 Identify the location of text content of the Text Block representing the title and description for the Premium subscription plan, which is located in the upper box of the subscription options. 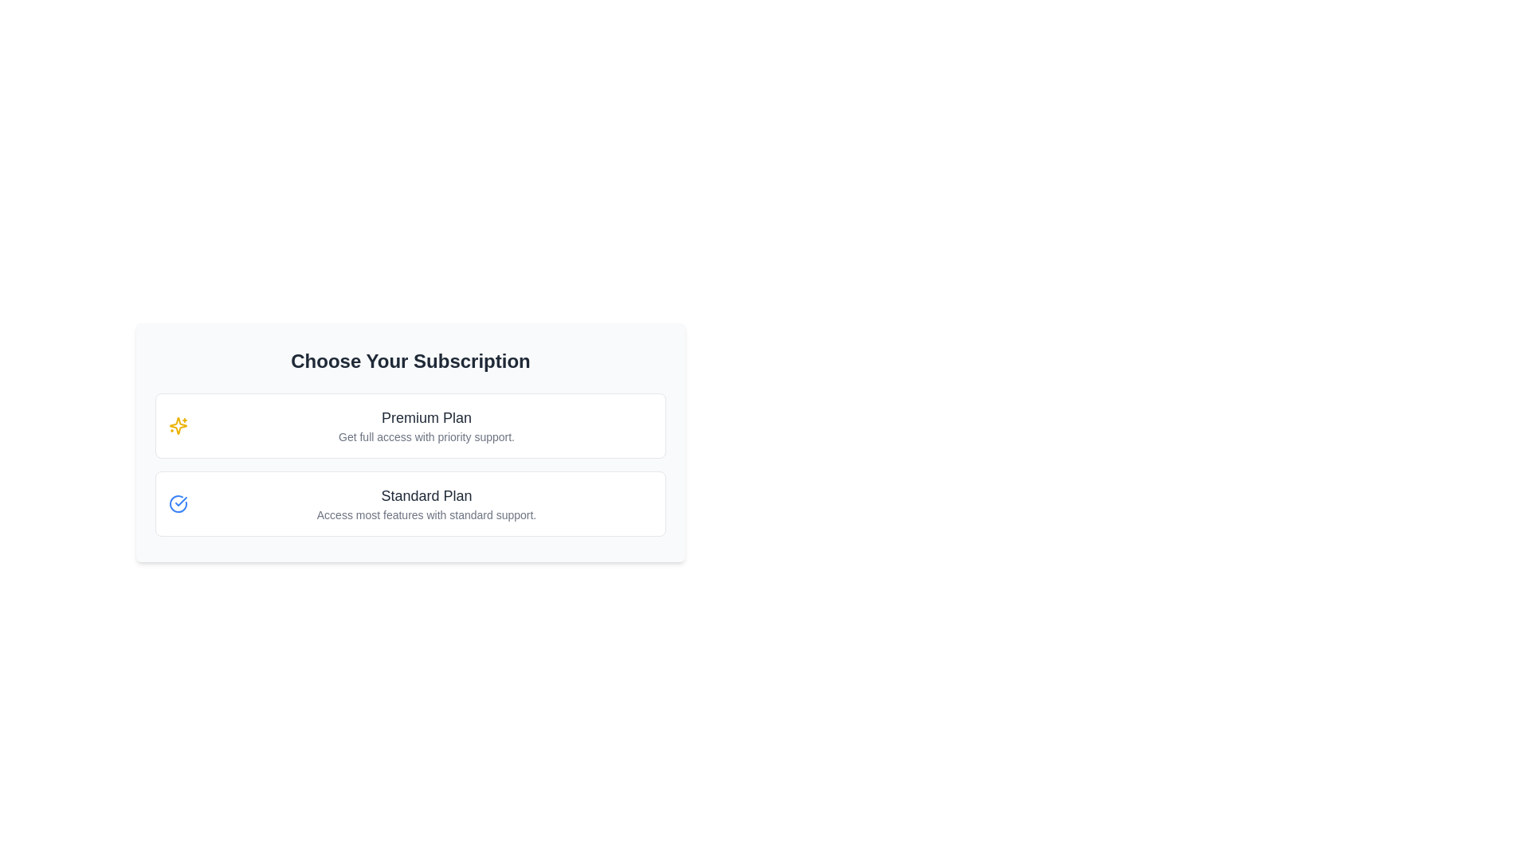
(426, 425).